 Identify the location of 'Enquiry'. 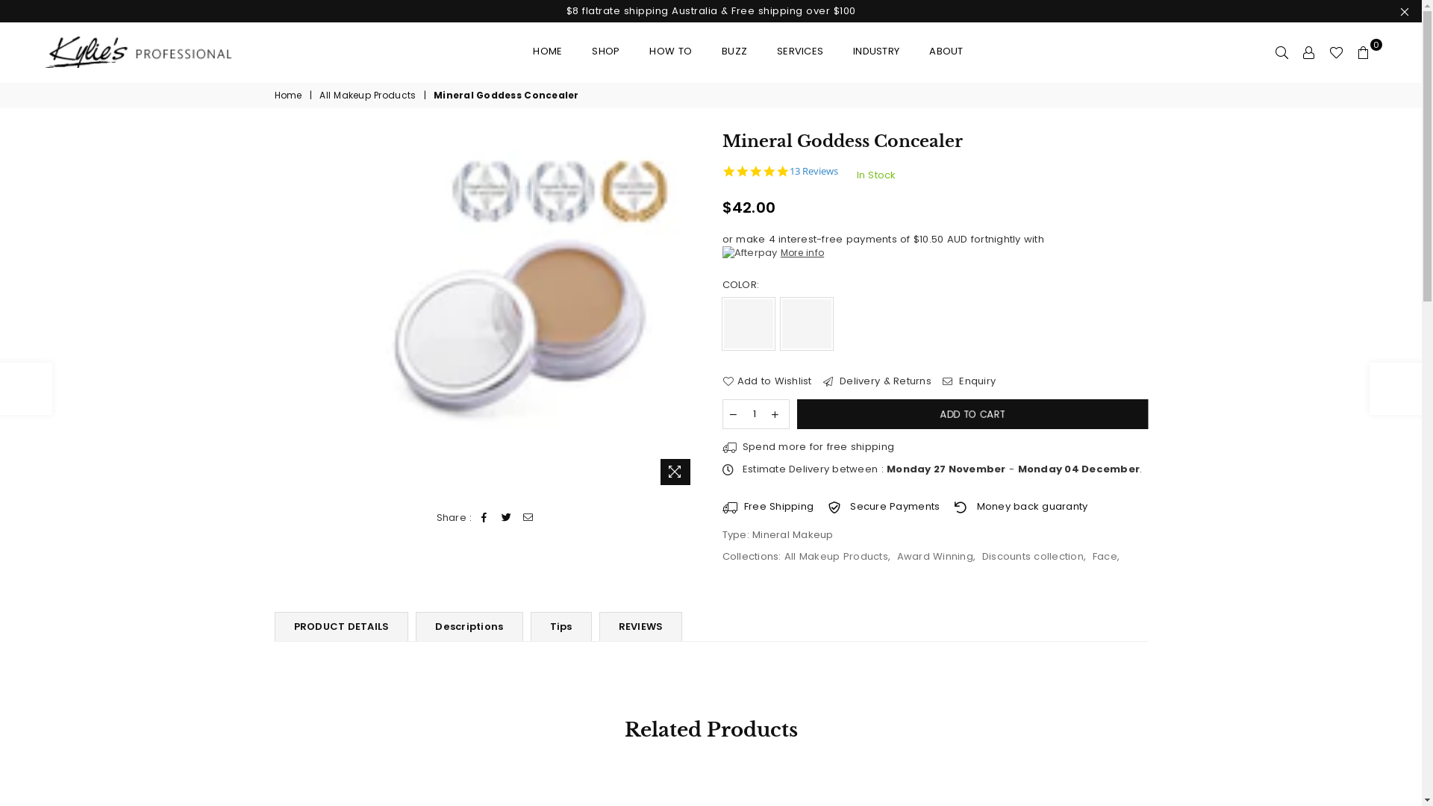
(969, 380).